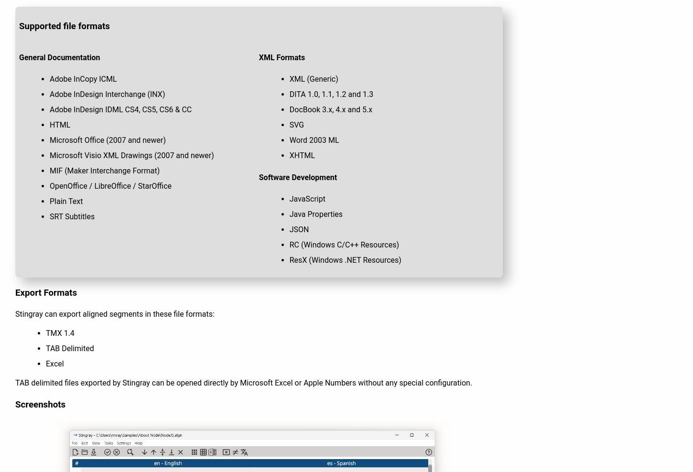  Describe the element at coordinates (65, 201) in the screenshot. I see `'Plain Text'` at that location.